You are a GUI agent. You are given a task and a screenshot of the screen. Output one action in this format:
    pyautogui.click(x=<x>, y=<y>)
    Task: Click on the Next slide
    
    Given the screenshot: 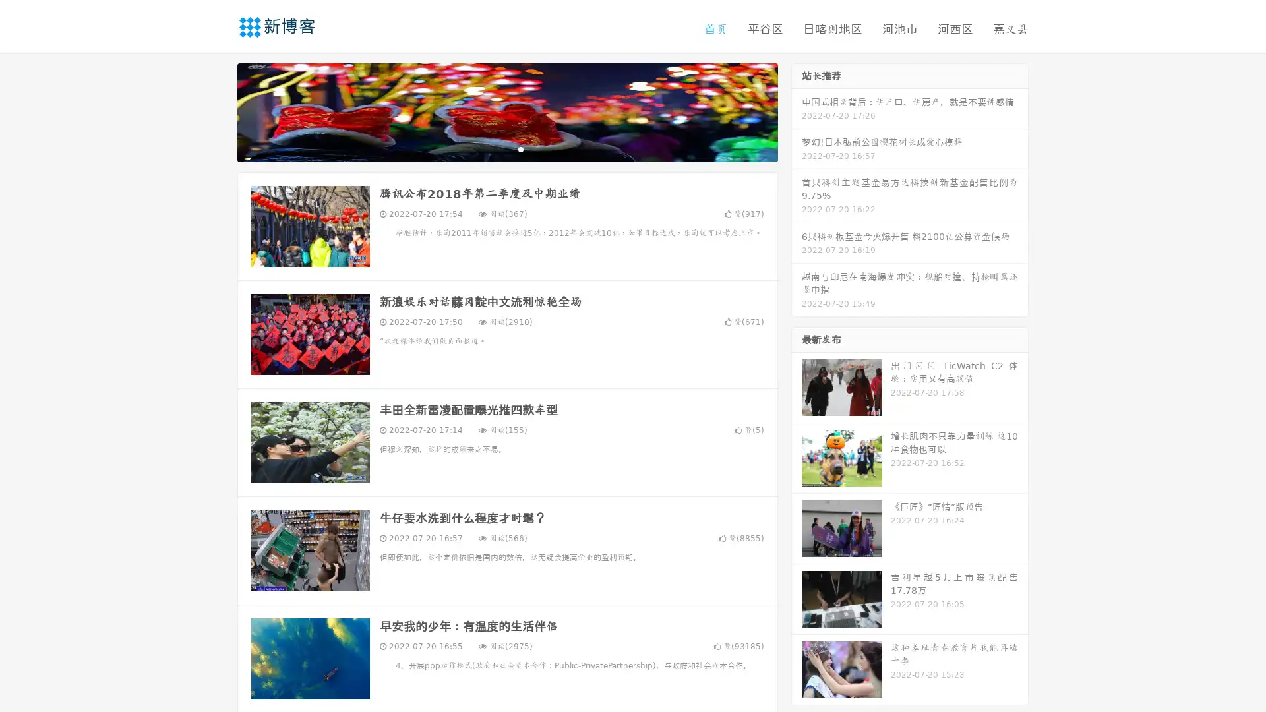 What is the action you would take?
    pyautogui.click(x=797, y=111)
    